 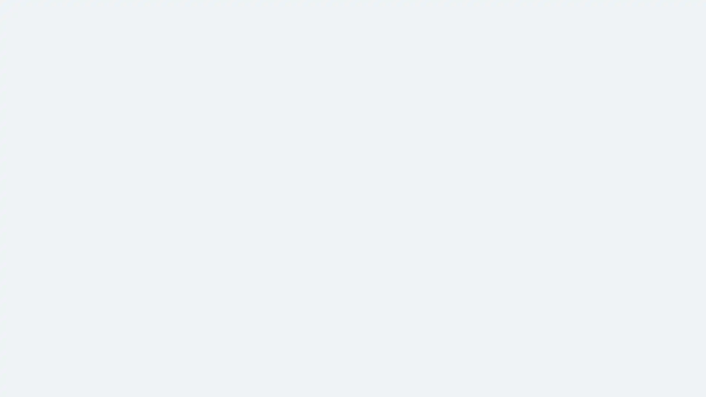 What do you see at coordinates (353, 123) in the screenshot?
I see `Continue` at bounding box center [353, 123].